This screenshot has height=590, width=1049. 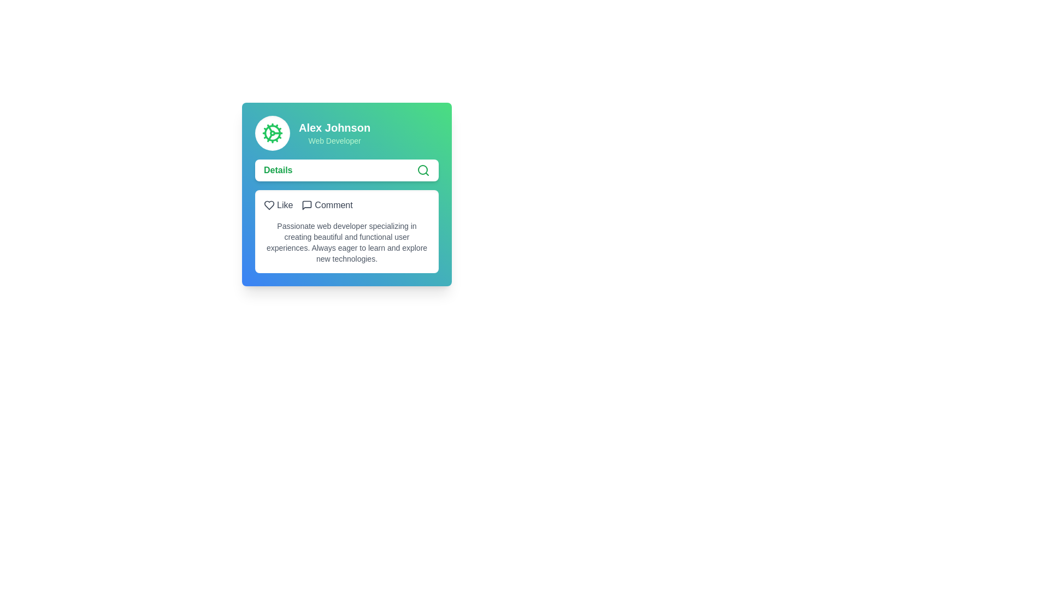 What do you see at coordinates (327, 205) in the screenshot?
I see `the comment button located in the horizontal grouping of elements inside the card interface, positioned below the user profile section and above the description text block` at bounding box center [327, 205].